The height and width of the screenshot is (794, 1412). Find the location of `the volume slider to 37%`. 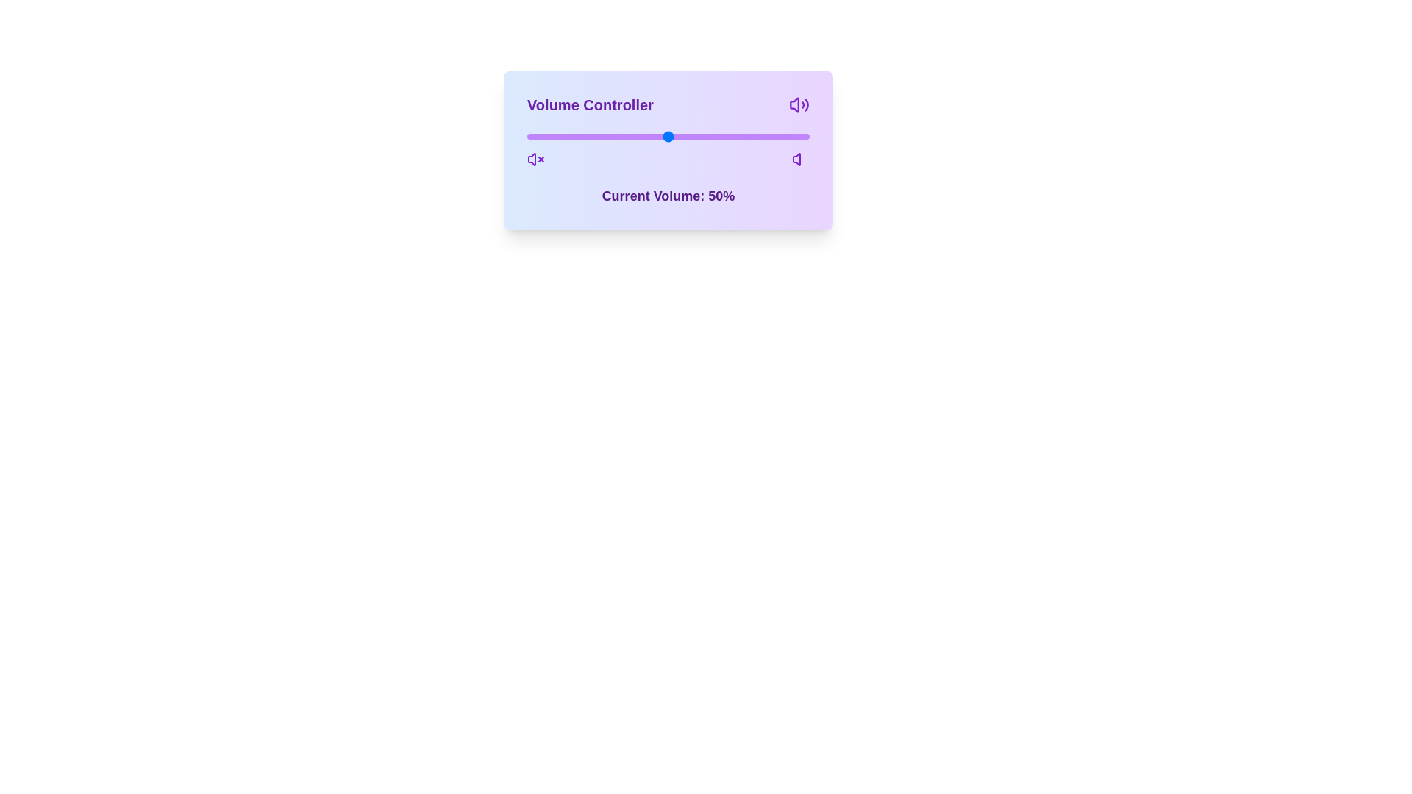

the volume slider to 37% is located at coordinates (632, 136).